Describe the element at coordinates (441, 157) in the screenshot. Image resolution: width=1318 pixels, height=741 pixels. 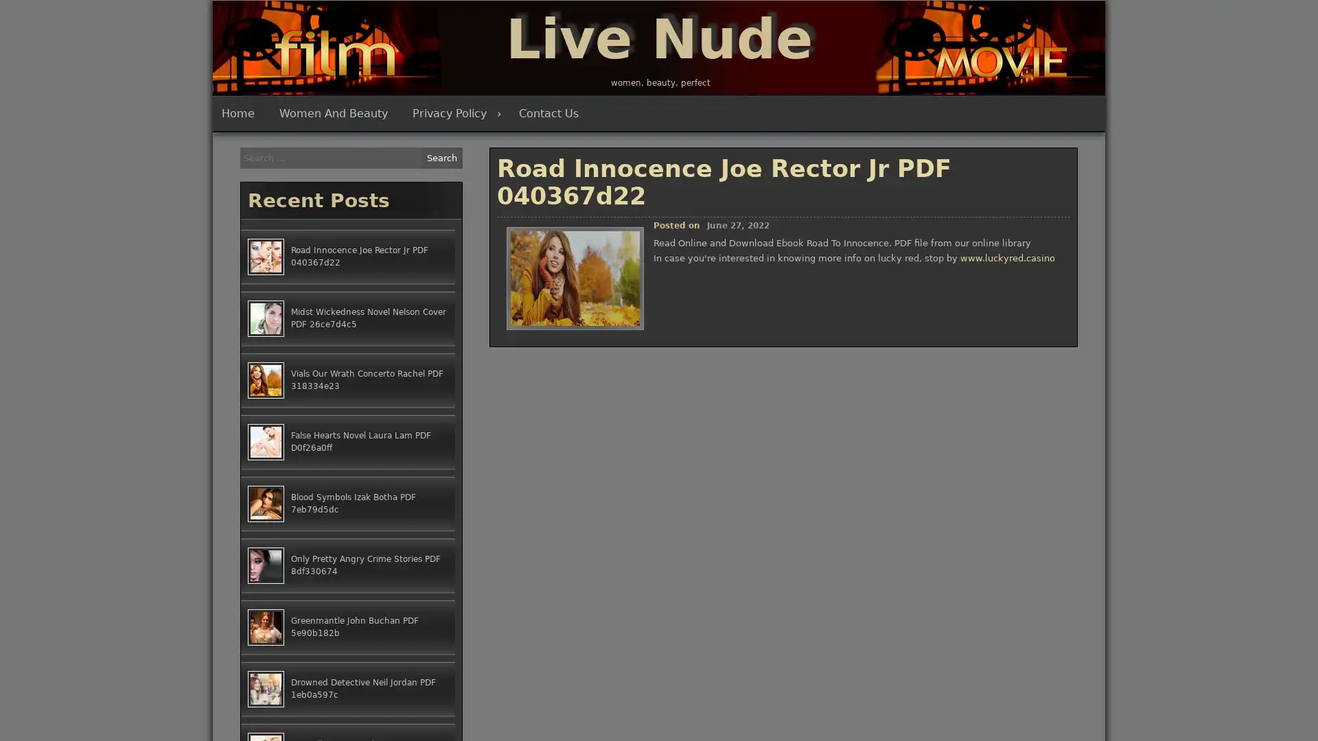
I see `Search` at that location.